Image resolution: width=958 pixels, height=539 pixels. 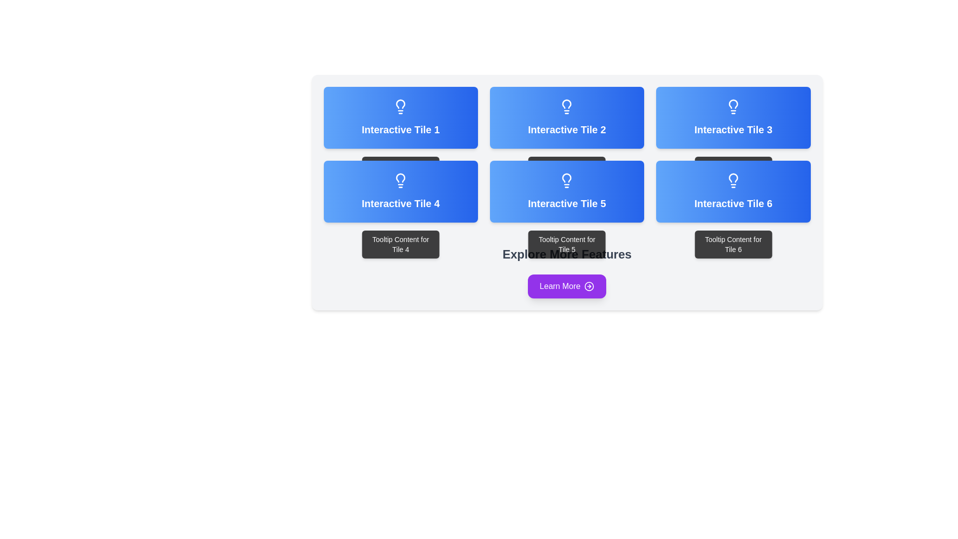 What do you see at coordinates (401, 203) in the screenshot?
I see `the text label reading 'Interactive Tile 4'` at bounding box center [401, 203].